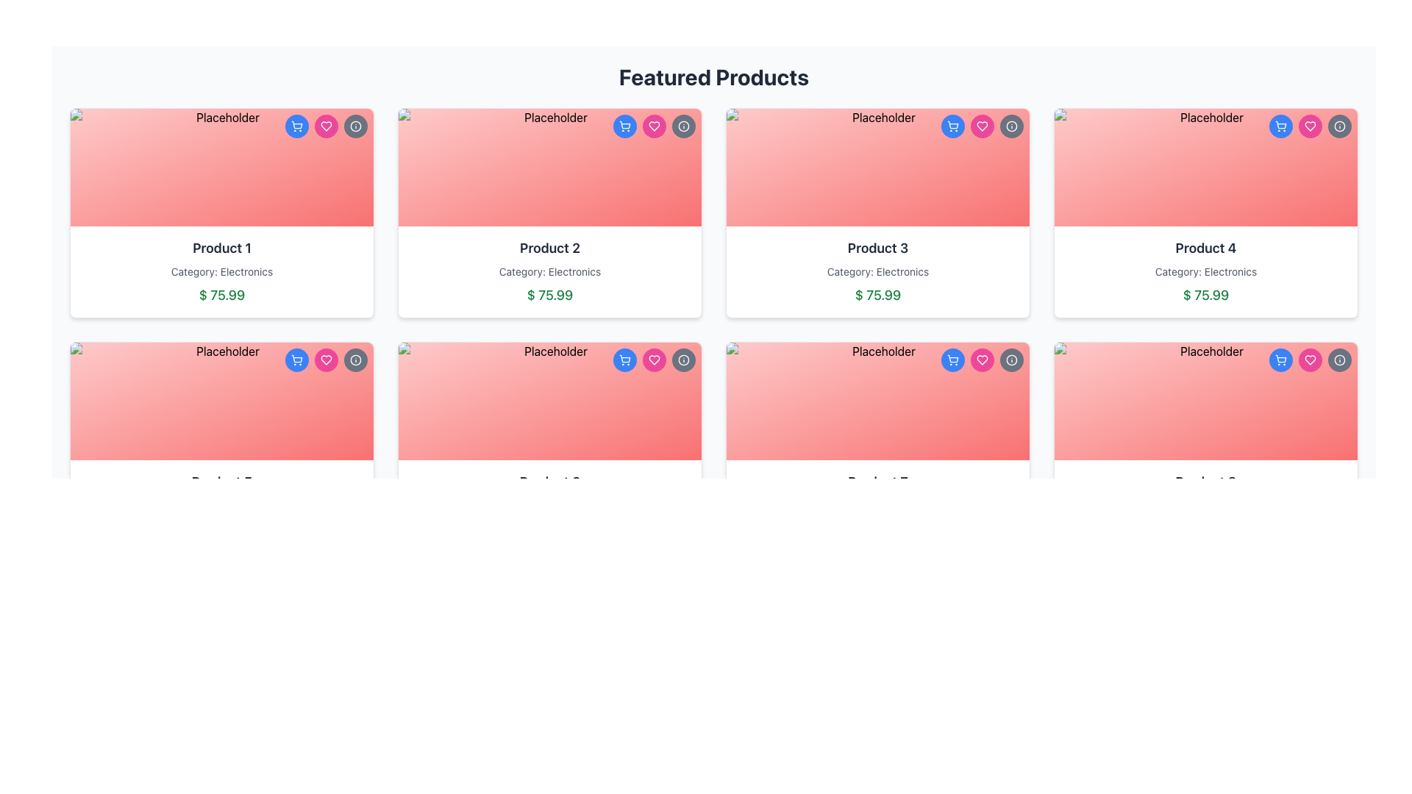 Image resolution: width=1412 pixels, height=794 pixels. Describe the element at coordinates (356, 126) in the screenshot. I see `the circular icon button located at the top-right corner of the 'Product 1' card` at that location.